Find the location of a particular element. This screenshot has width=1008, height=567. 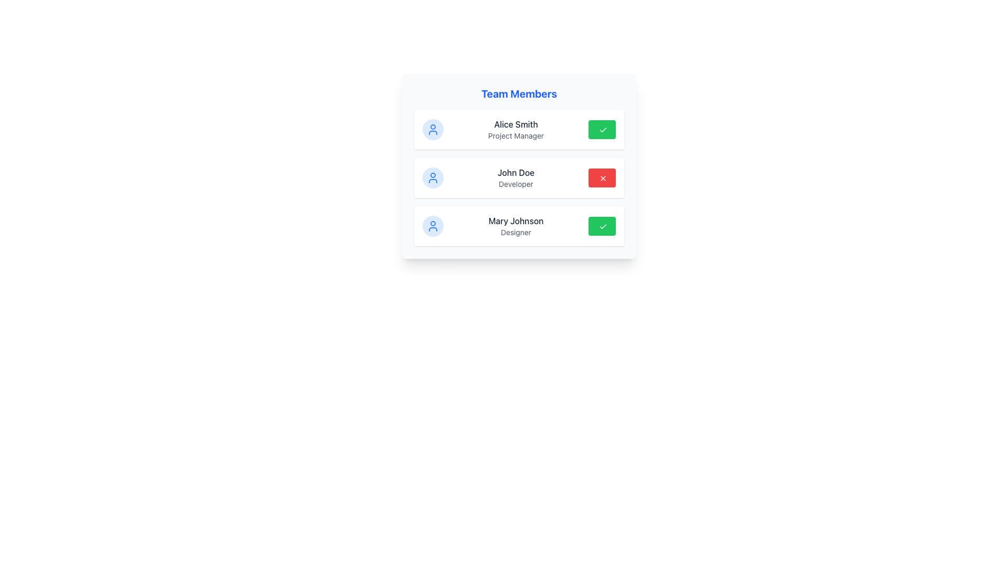

the green button with a white checkmark icon, located to the right of Alice Smith's details in the team member list is located at coordinates (602, 129).